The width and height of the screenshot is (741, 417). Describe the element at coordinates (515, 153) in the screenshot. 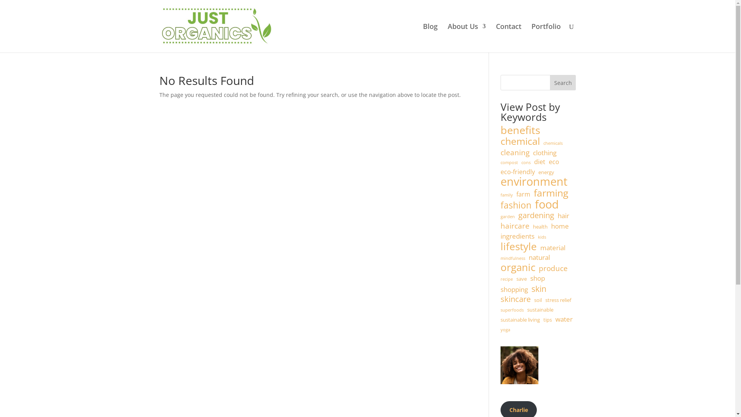

I see `'cleaning'` at that location.